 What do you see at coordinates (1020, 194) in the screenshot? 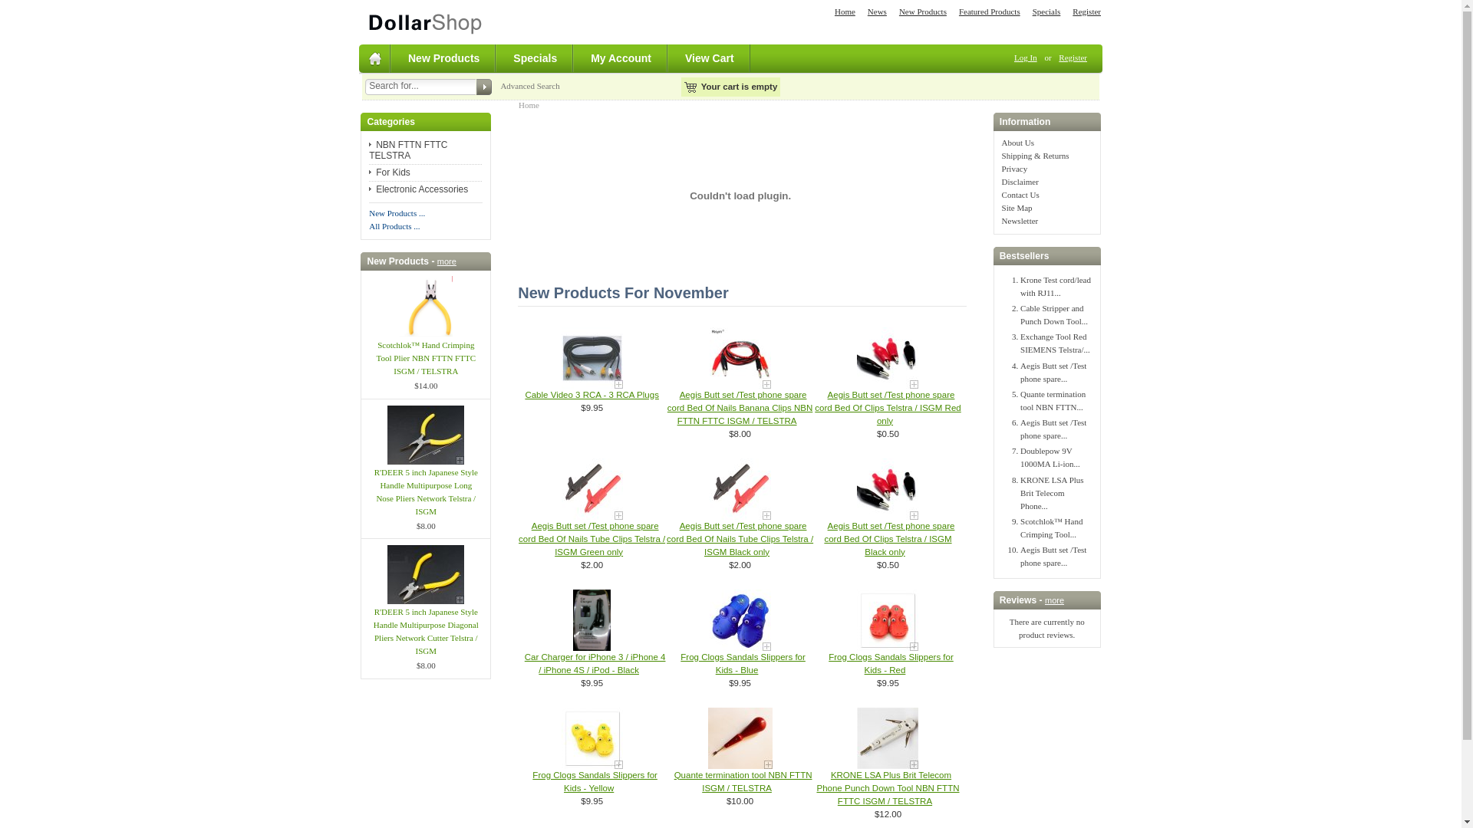
I see `'Contact Us'` at bounding box center [1020, 194].